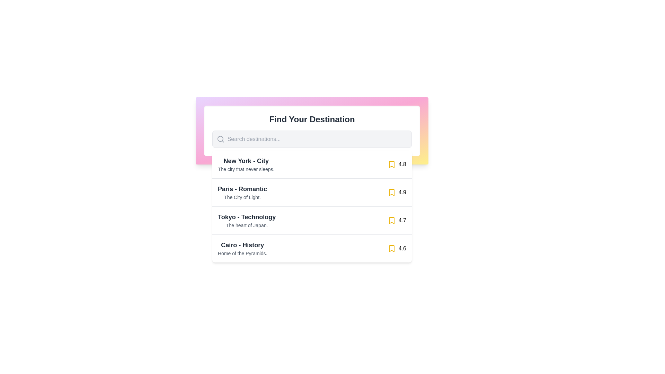 The height and width of the screenshot is (374, 665). I want to click on descriptive text label that contains the phrase 'The city that never sleeps.' which is styled in muted gray and serves as a subtitle beneath the 'New York - City' heading, so click(246, 169).